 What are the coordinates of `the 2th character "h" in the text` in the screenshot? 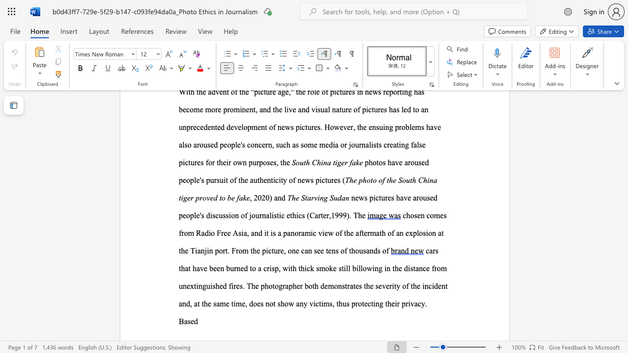 It's located at (294, 286).